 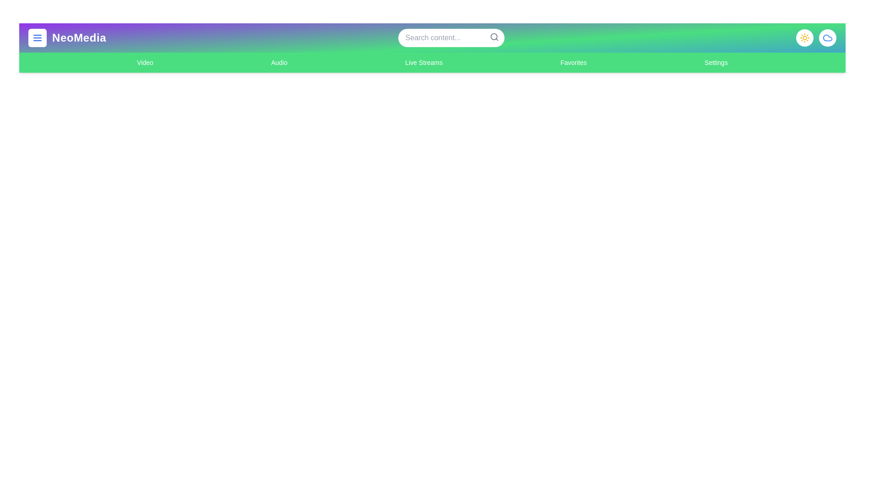 What do you see at coordinates (144, 62) in the screenshot?
I see `the navigation link labeled Video` at bounding box center [144, 62].